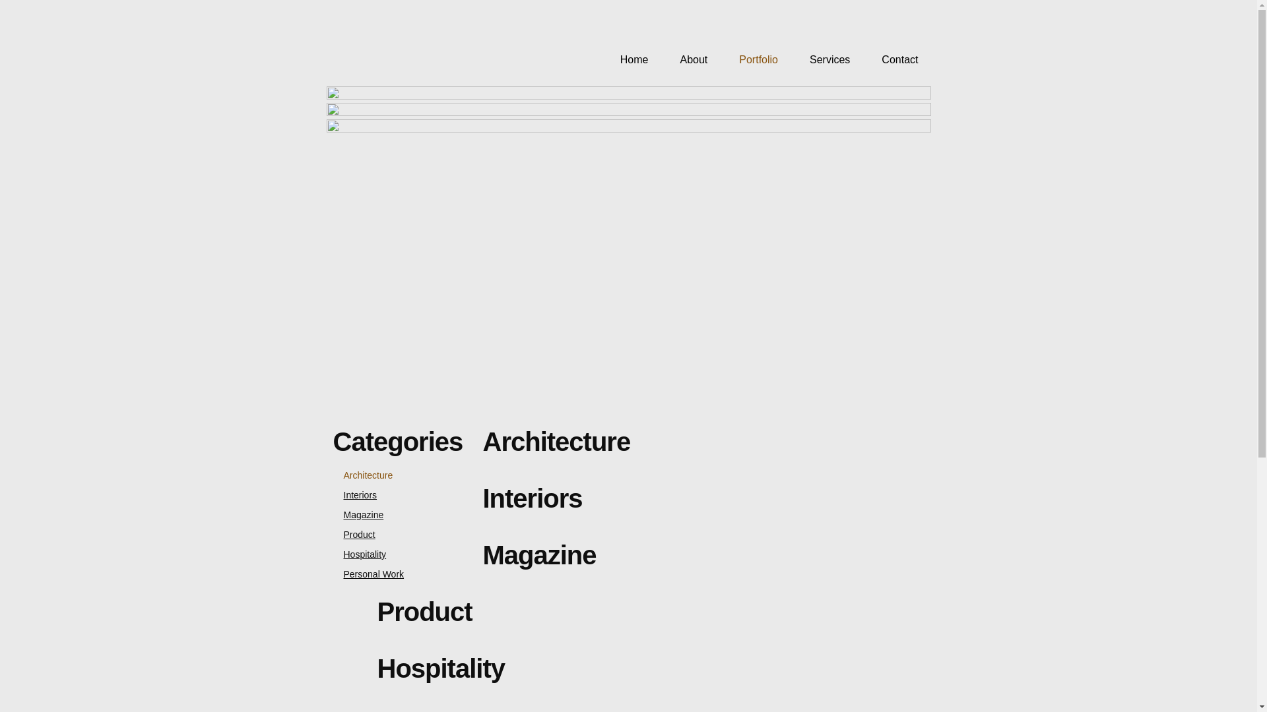  I want to click on 'Portfolio', so click(752, 60).